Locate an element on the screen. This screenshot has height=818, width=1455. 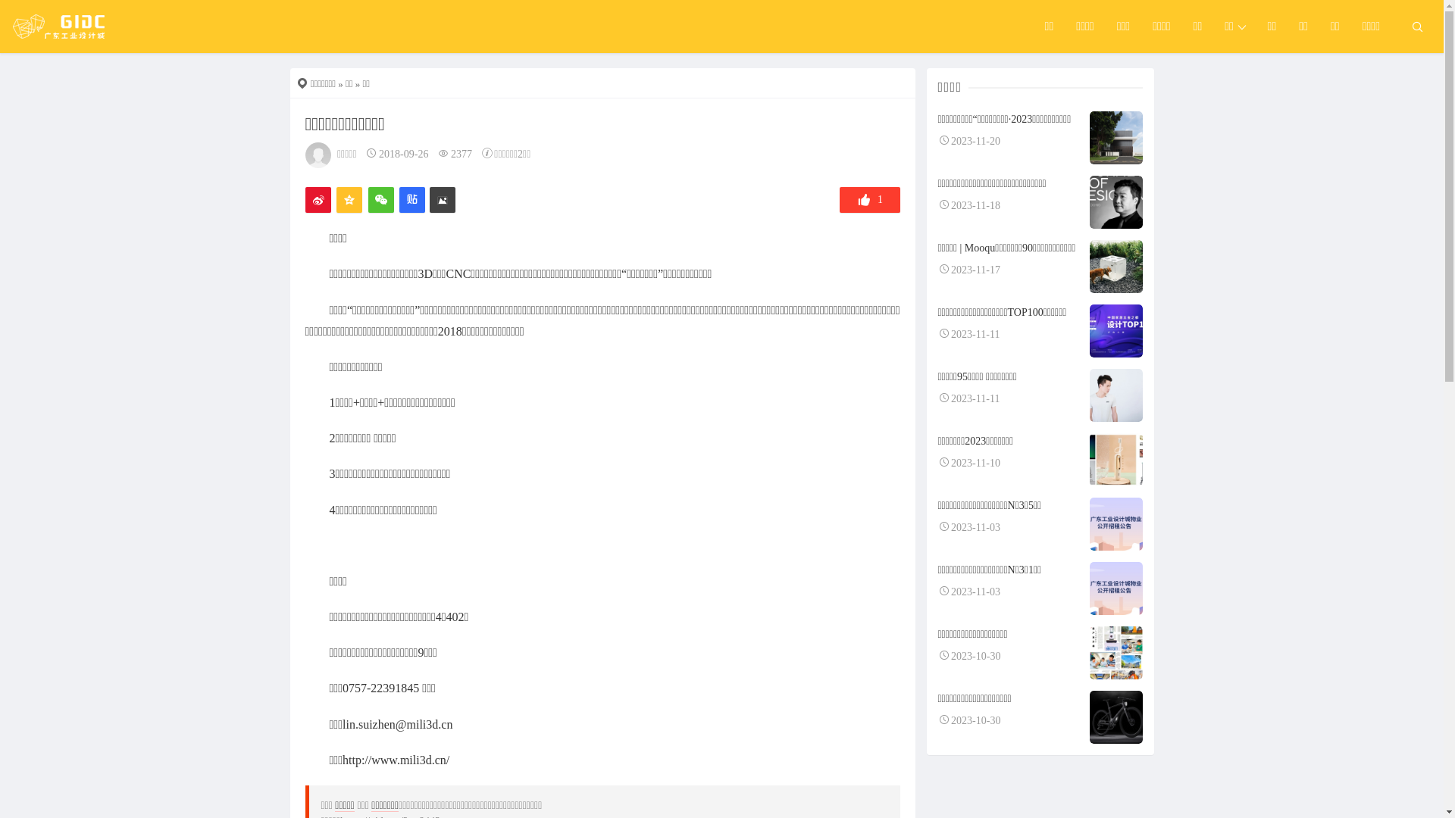
'1' is located at coordinates (869, 198).